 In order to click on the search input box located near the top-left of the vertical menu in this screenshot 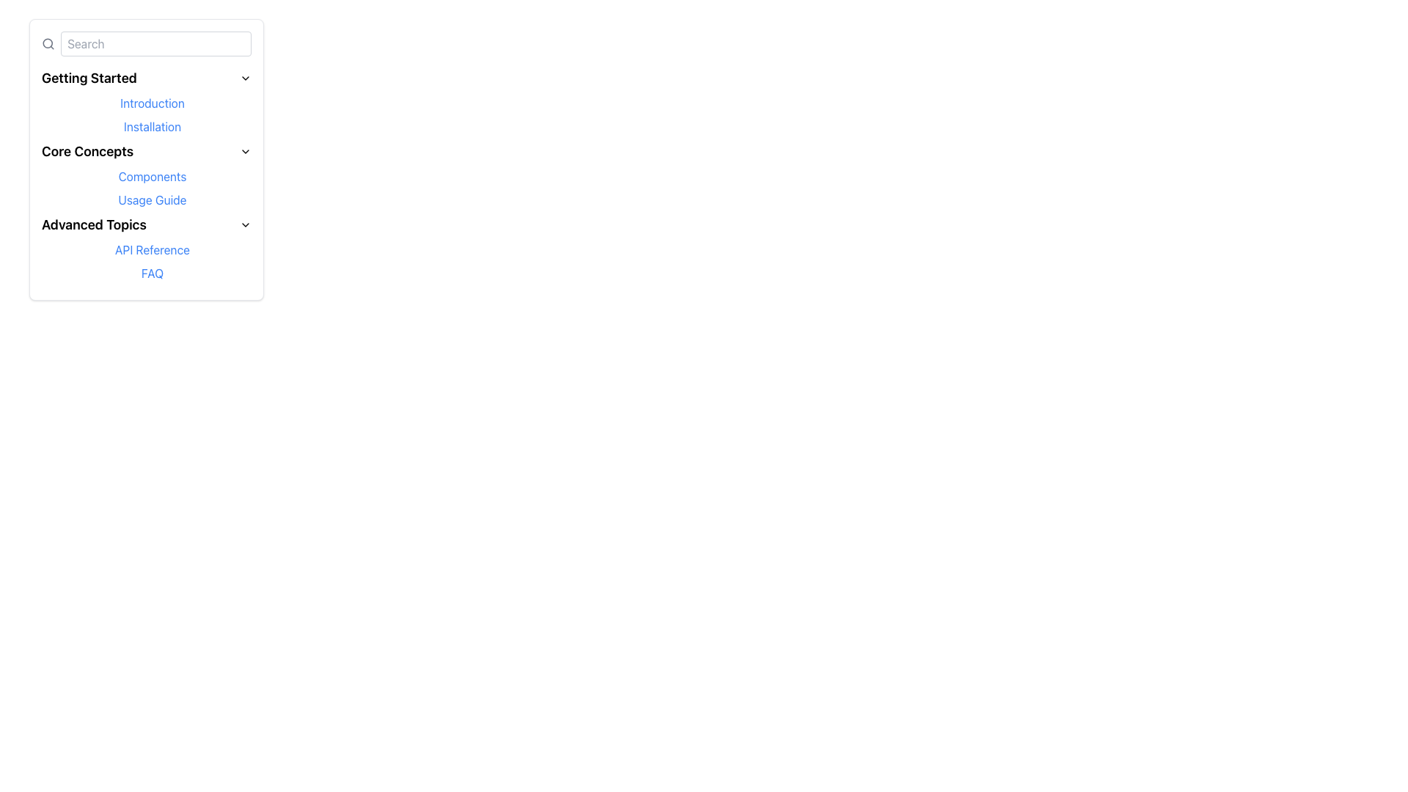, I will do `click(156, 43)`.